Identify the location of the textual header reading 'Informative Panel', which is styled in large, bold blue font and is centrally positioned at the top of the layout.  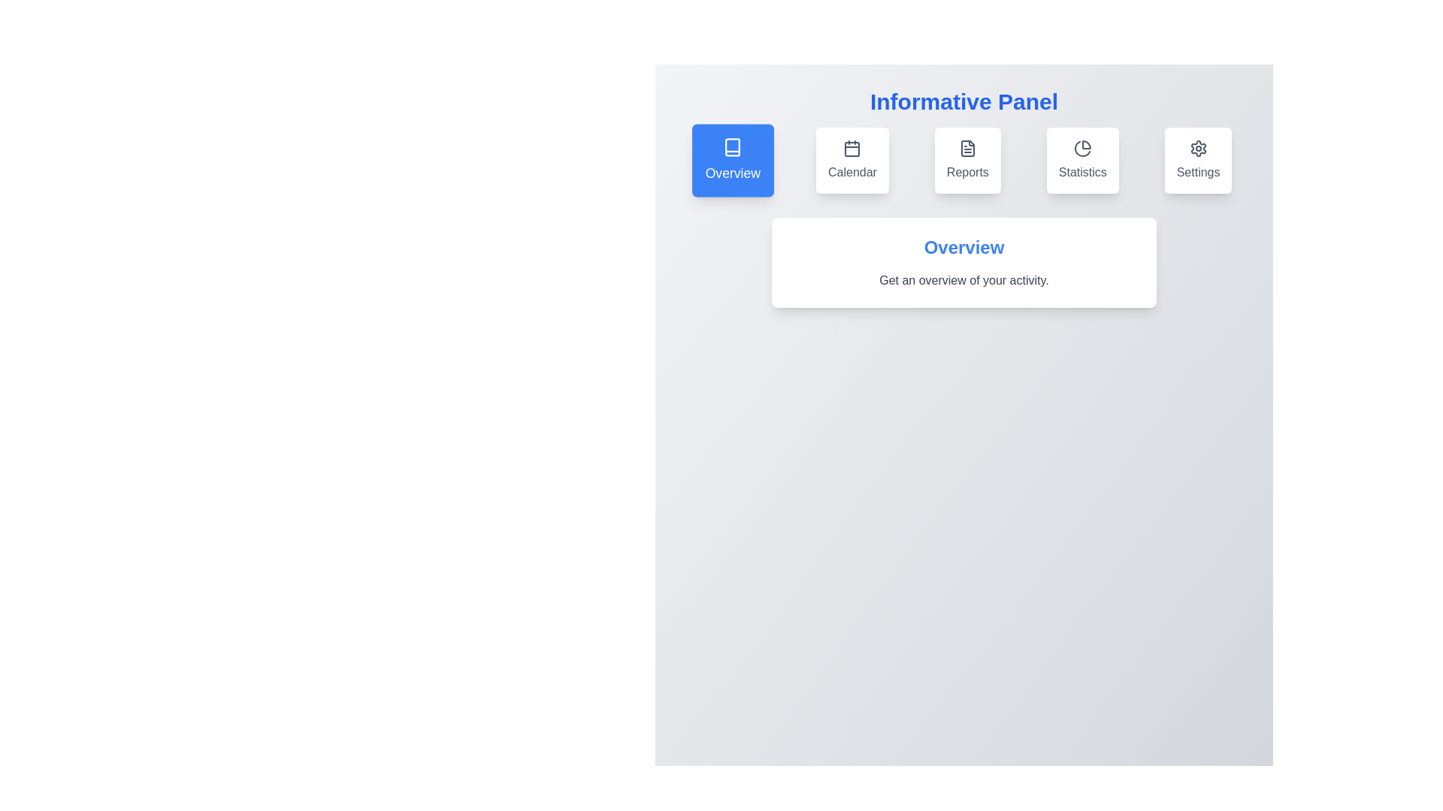
(964, 101).